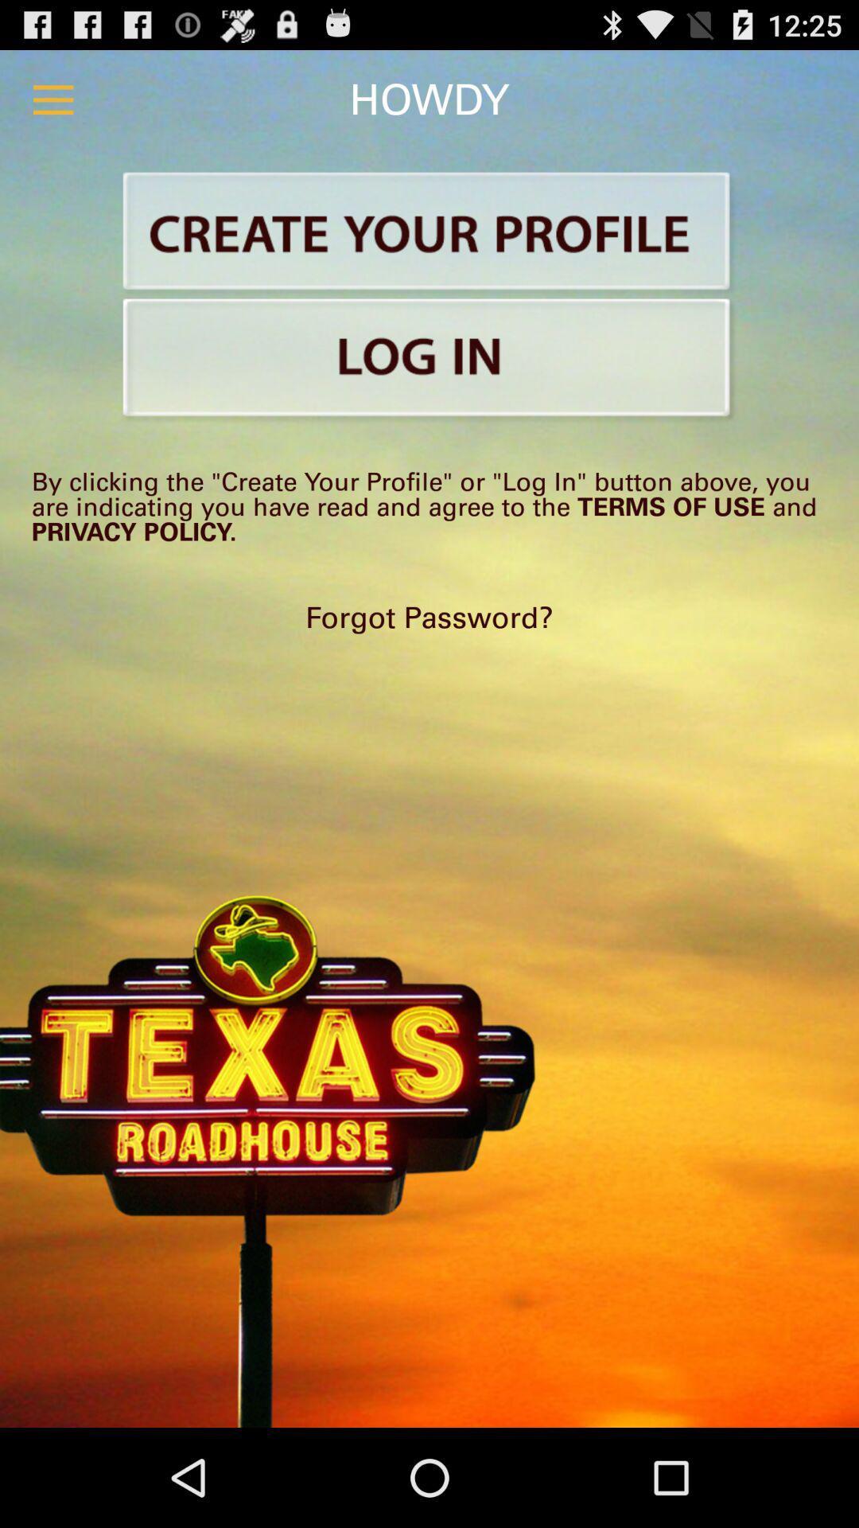 Image resolution: width=859 pixels, height=1528 pixels. Describe the element at coordinates (429, 233) in the screenshot. I see `create your profile` at that location.